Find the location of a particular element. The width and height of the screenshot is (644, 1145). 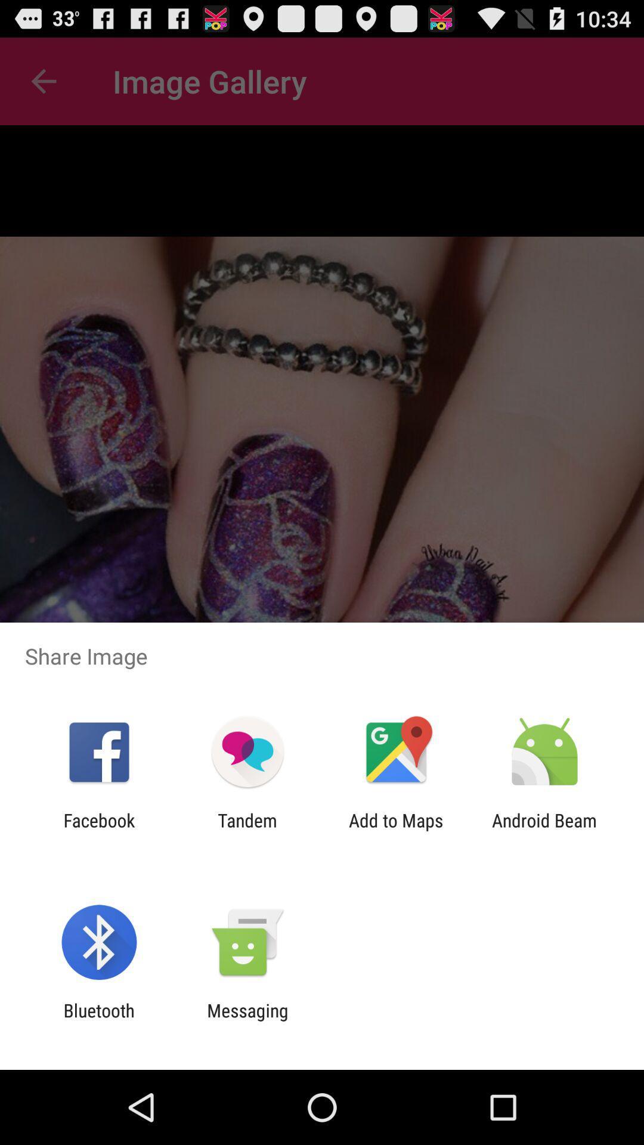

item next to the add to maps is located at coordinates (247, 830).